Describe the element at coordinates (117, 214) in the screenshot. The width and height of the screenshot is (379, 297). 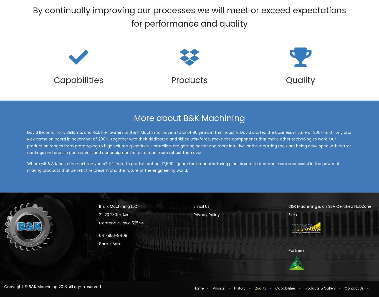
I see `'B & K Machining LLC'` at that location.